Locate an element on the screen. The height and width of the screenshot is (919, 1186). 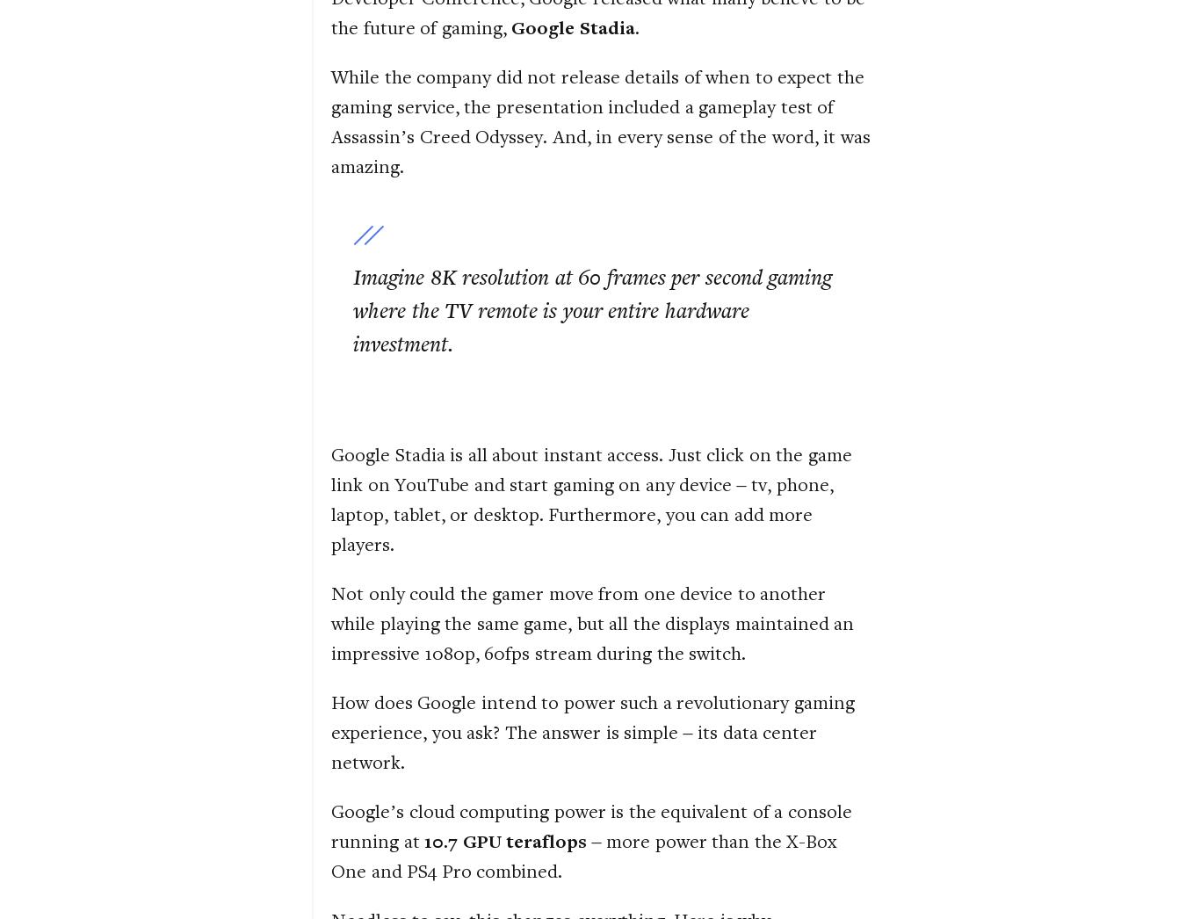
'– more power than the X-Box One and PS4 Pro combined.' is located at coordinates (583, 853).